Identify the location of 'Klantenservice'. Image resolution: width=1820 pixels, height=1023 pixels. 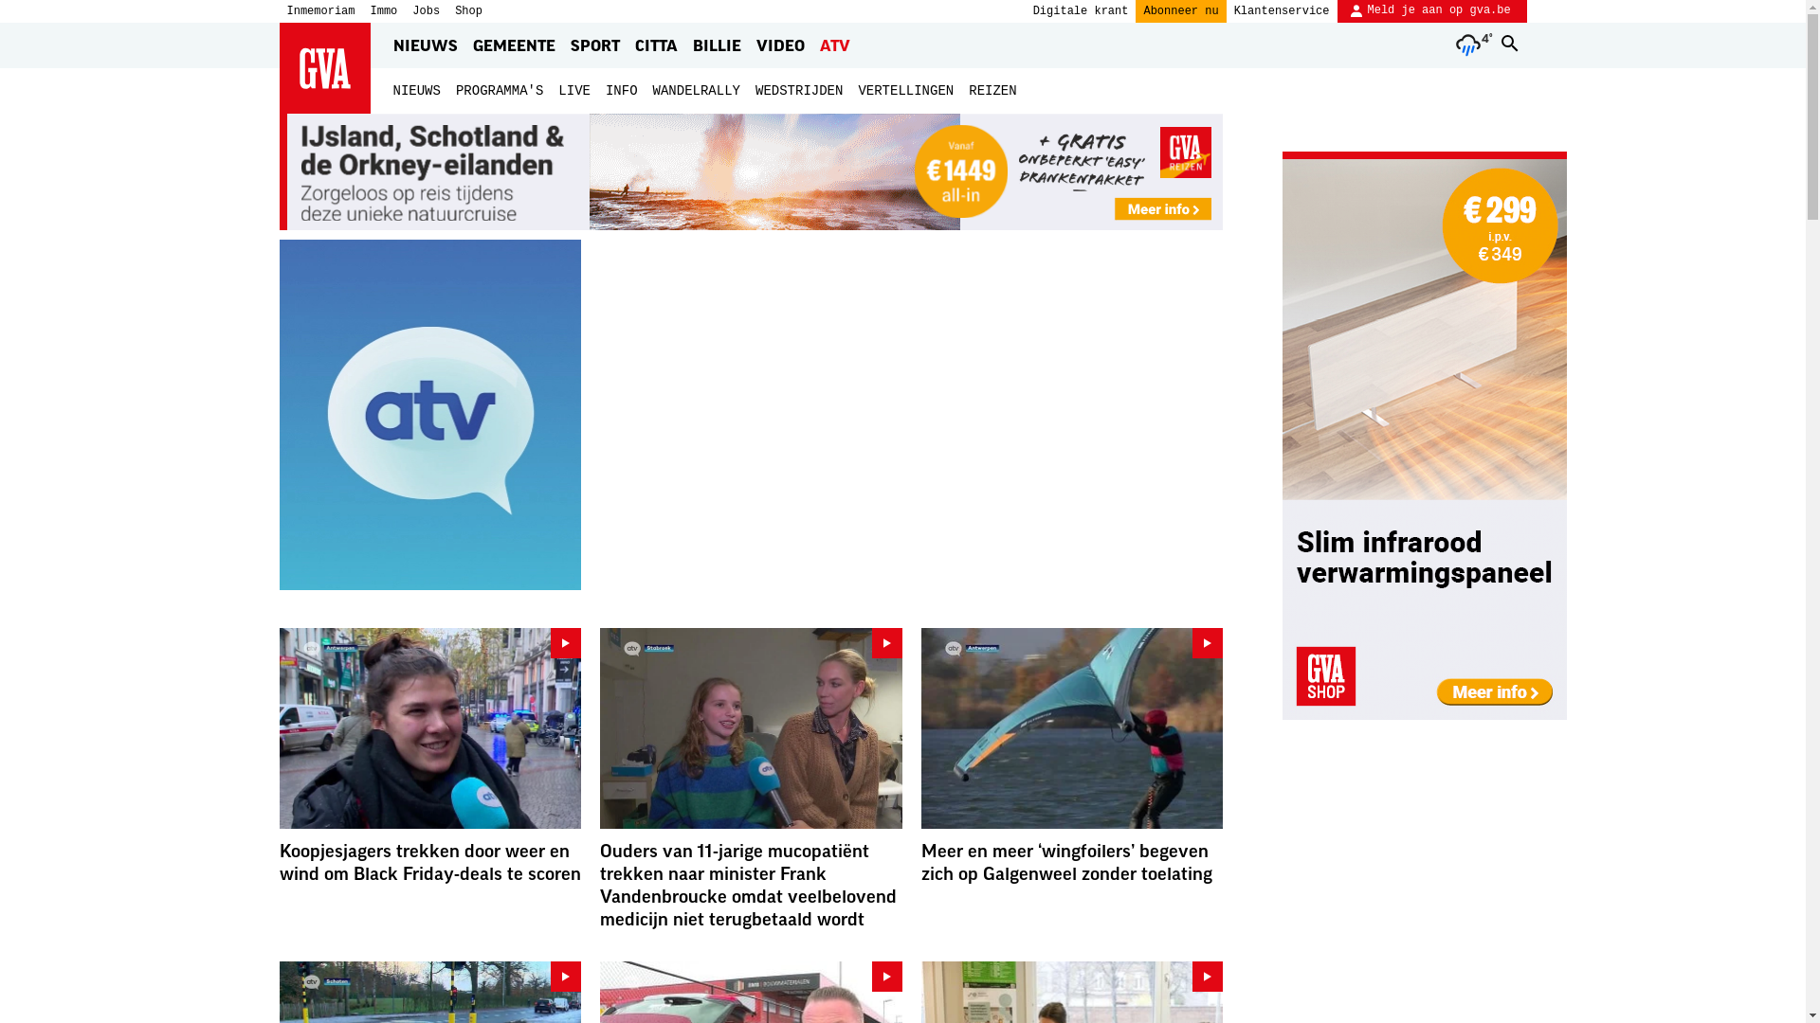
(1282, 10).